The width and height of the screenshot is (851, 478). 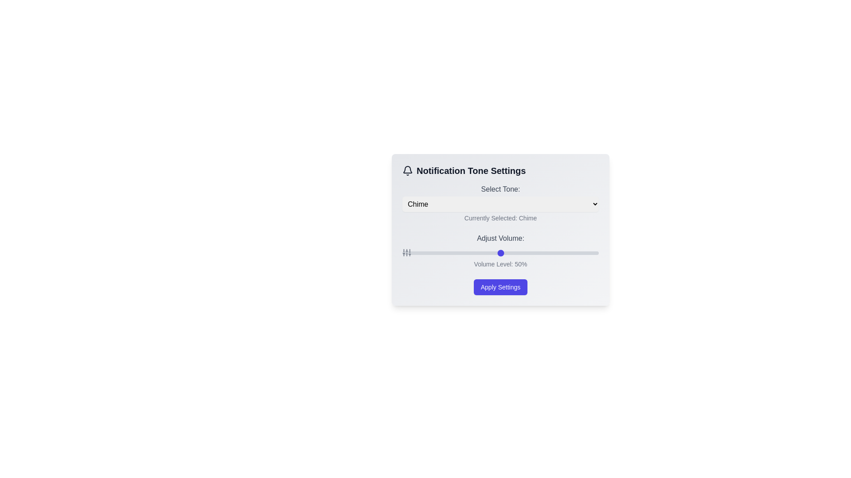 I want to click on the volume level, so click(x=502, y=253).